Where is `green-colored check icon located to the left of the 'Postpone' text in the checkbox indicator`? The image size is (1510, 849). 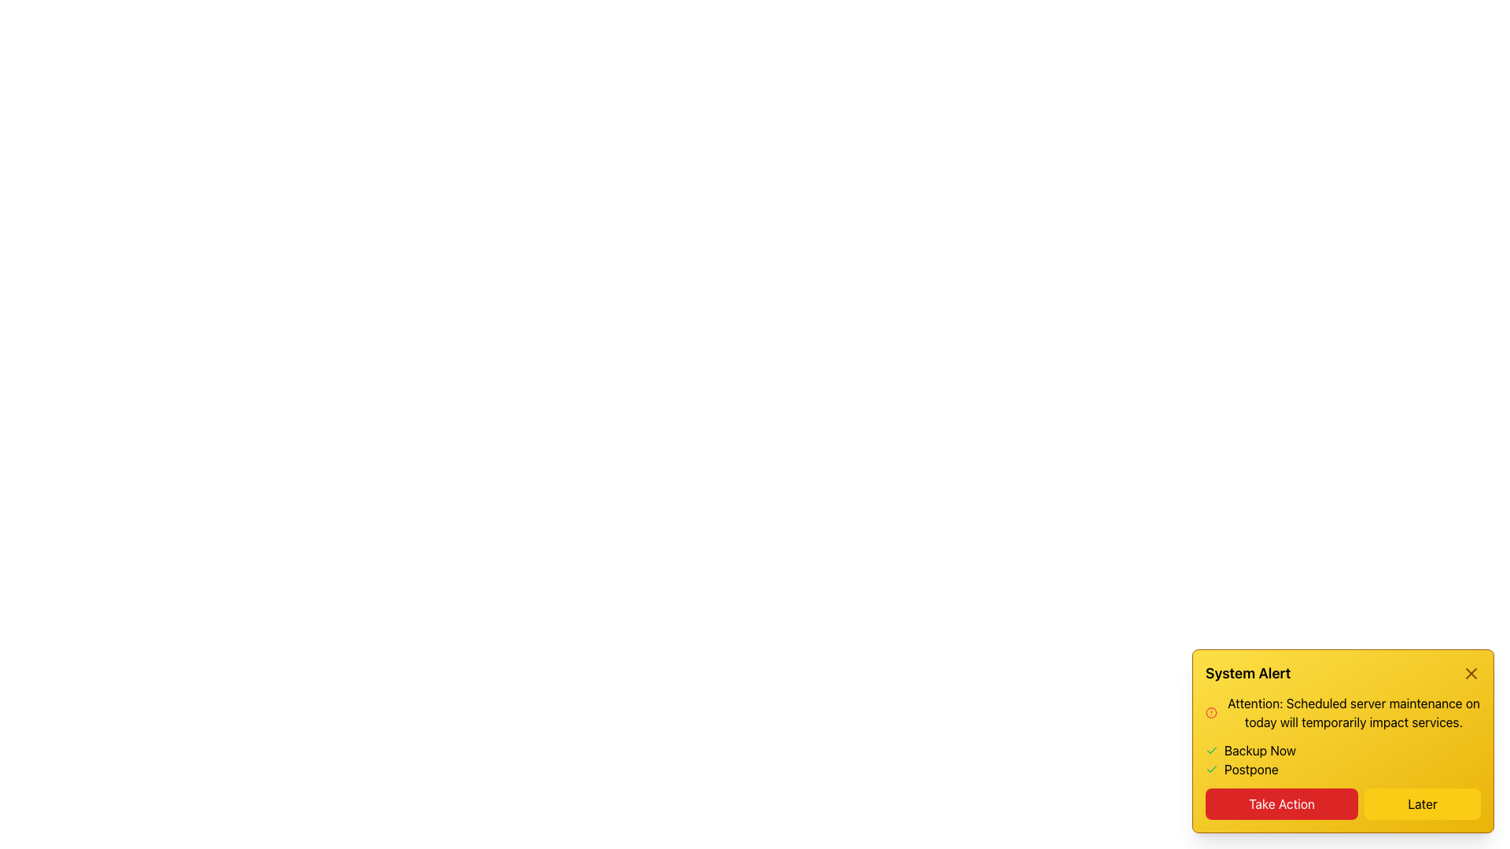 green-colored check icon located to the left of the 'Postpone' text in the checkbox indicator is located at coordinates (1210, 769).